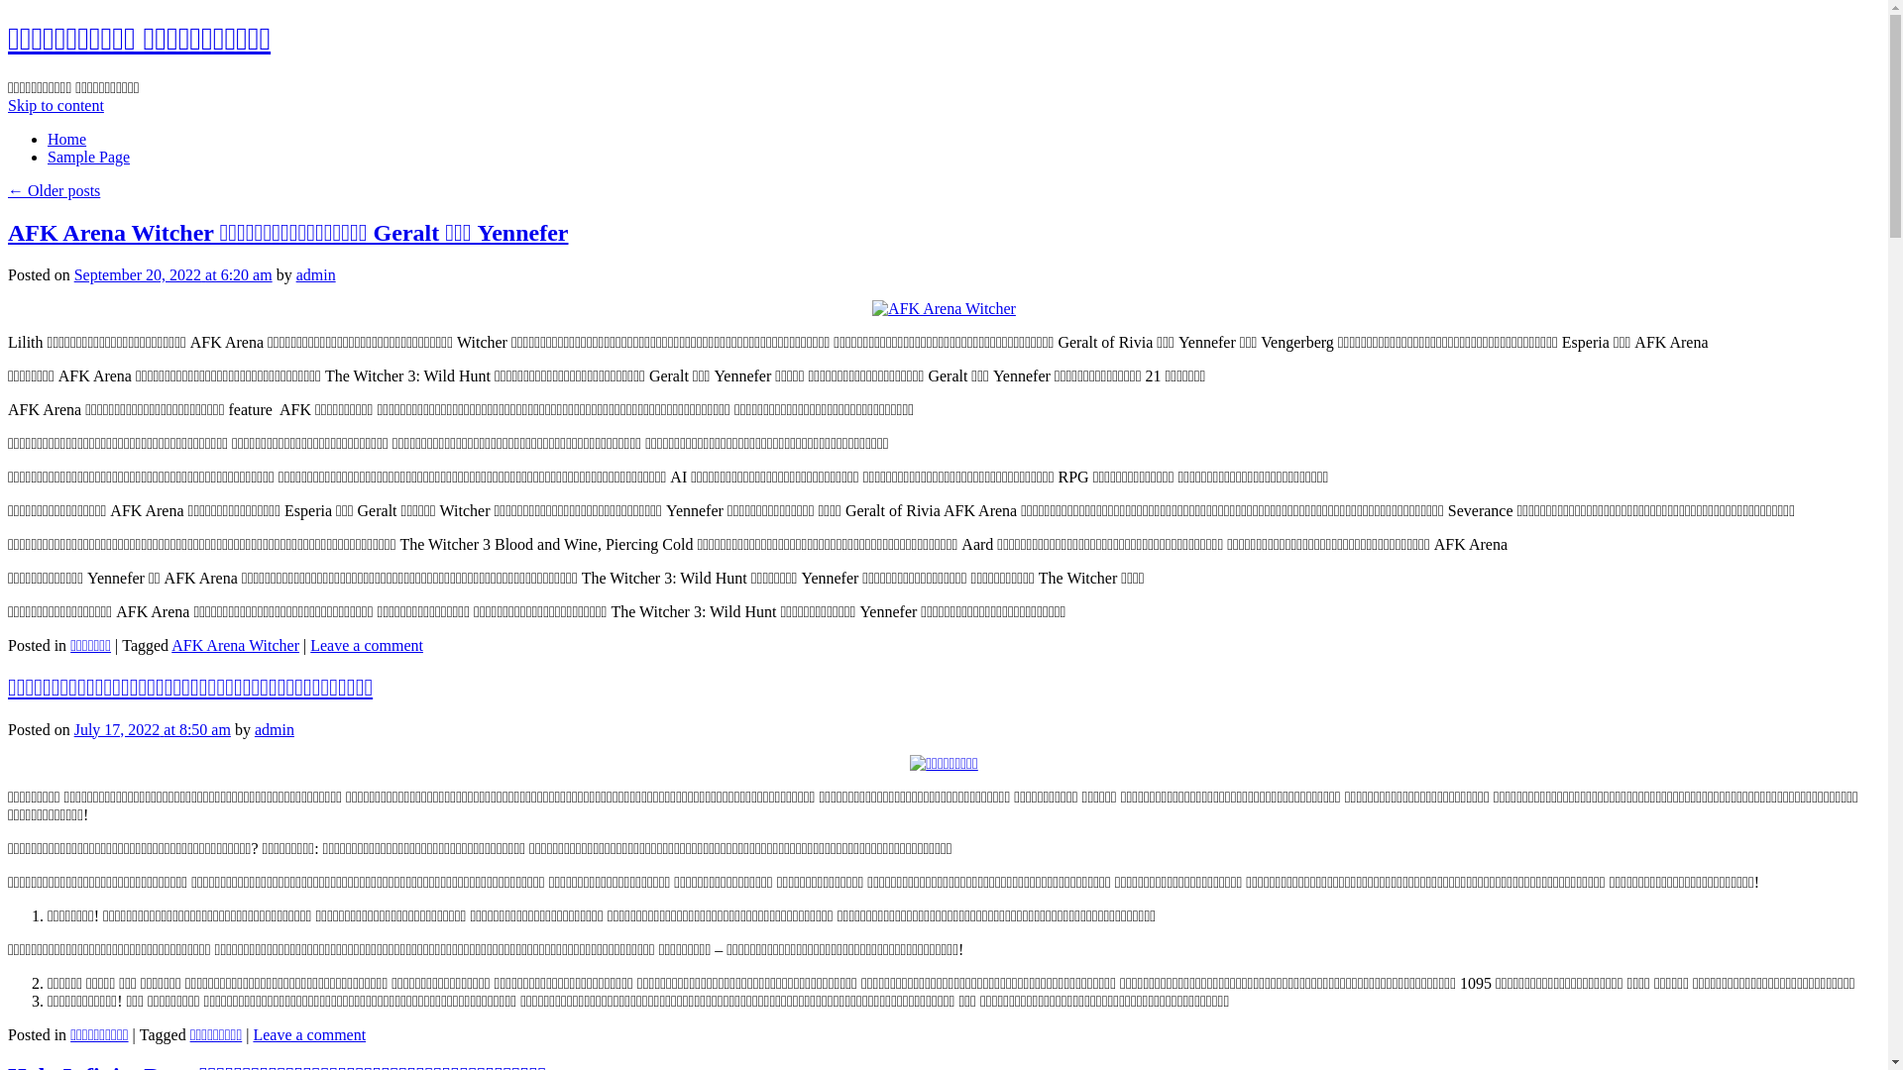 The height and width of the screenshot is (1070, 1903). Describe the element at coordinates (251, 1033) in the screenshot. I see `'Leave a comment'` at that location.